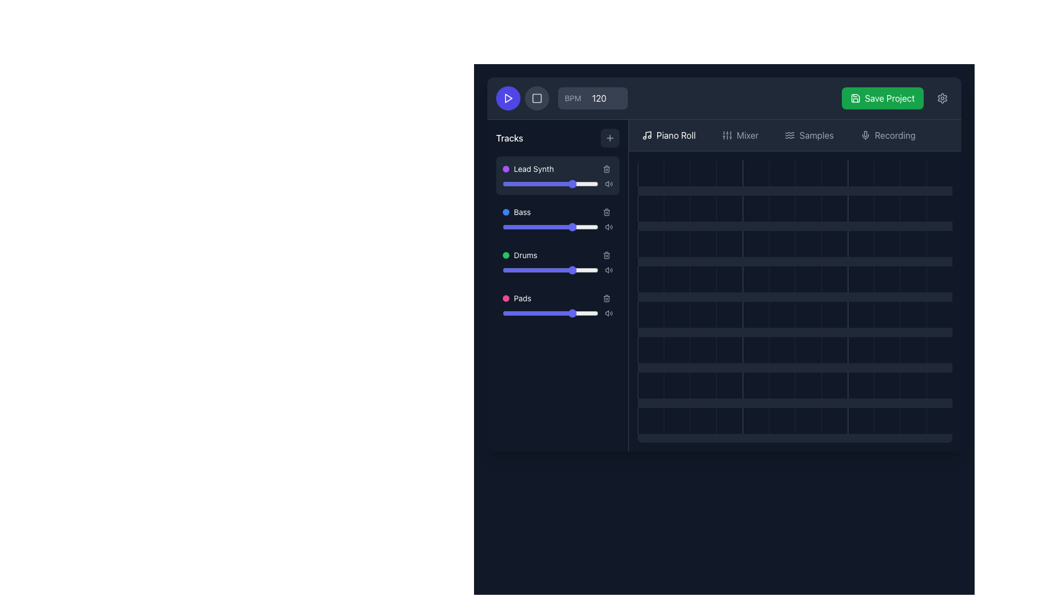 This screenshot has width=1062, height=597. What do you see at coordinates (781, 350) in the screenshot?
I see `the grid cell located in the sixth column and fifth row of the interface` at bounding box center [781, 350].